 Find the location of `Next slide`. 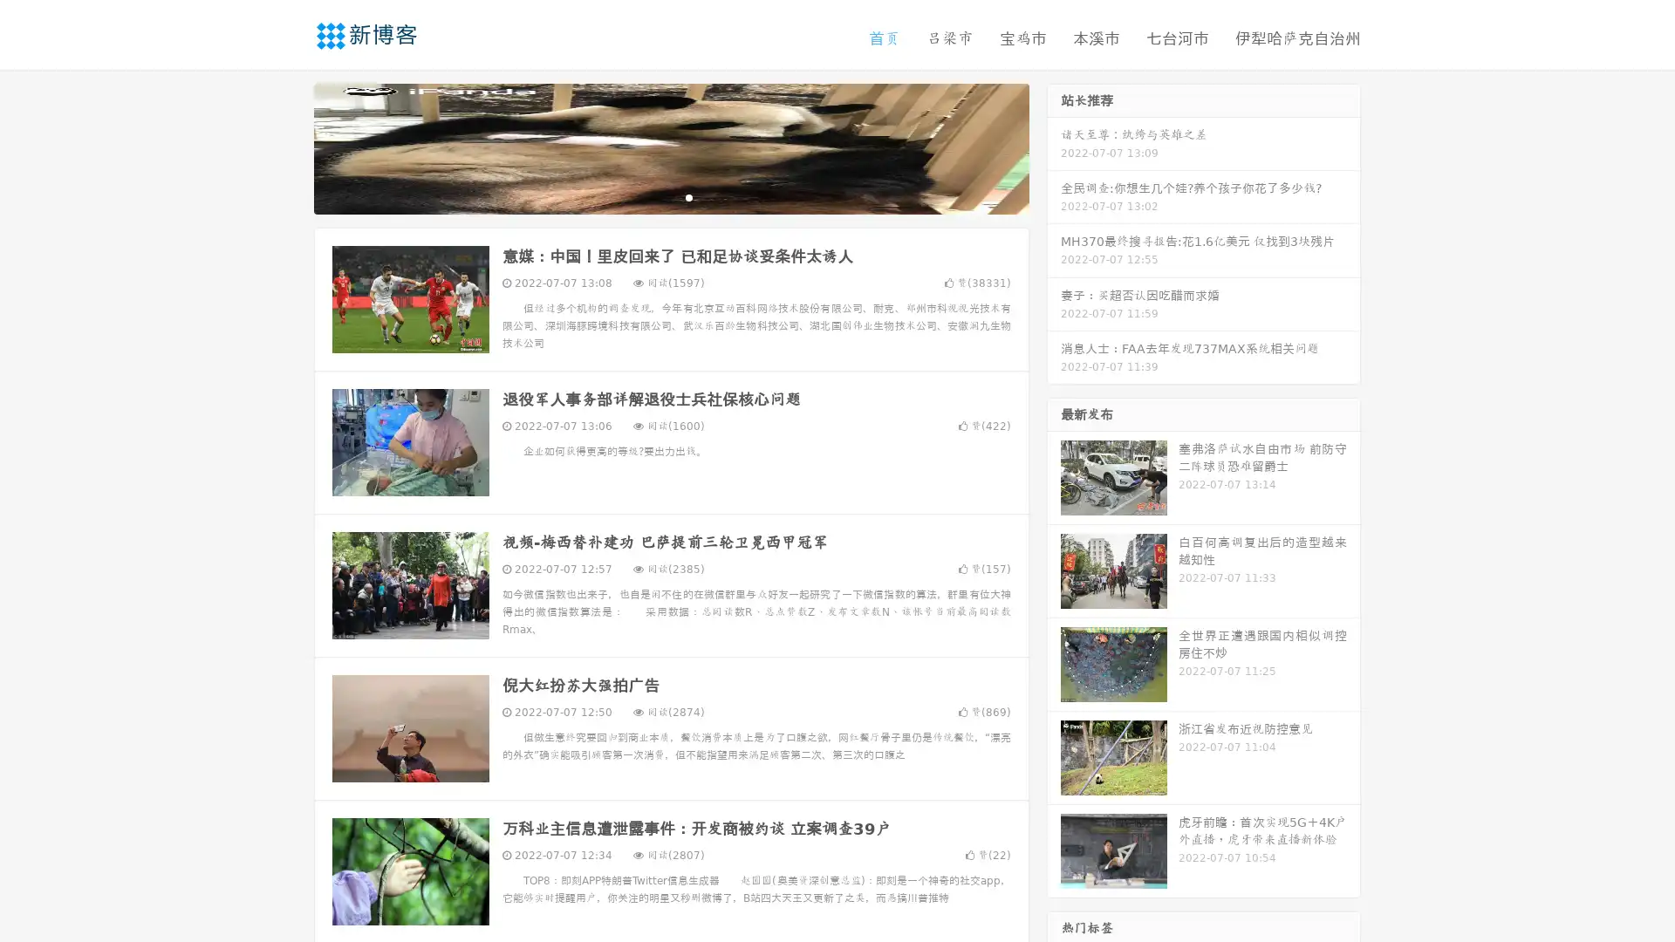

Next slide is located at coordinates (1054, 147).